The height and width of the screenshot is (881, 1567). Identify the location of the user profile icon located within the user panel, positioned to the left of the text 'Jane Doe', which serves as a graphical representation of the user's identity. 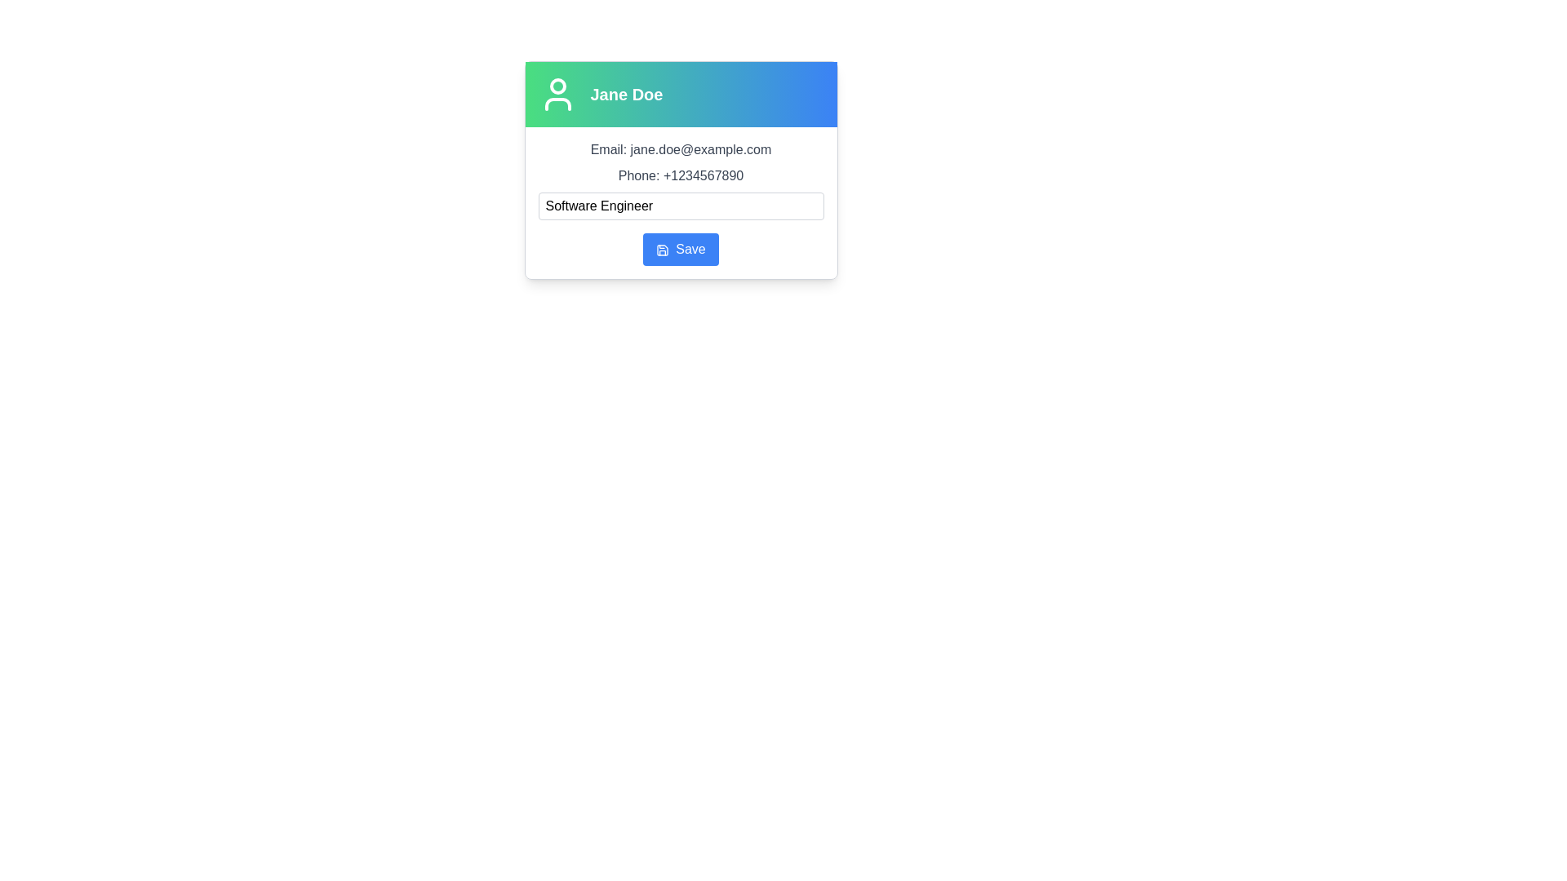
(557, 94).